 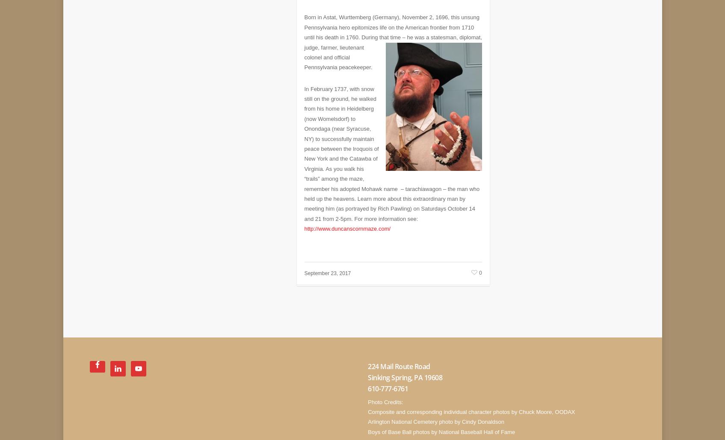 What do you see at coordinates (387, 382) in the screenshot?
I see `'610-777-6761'` at bounding box center [387, 382].